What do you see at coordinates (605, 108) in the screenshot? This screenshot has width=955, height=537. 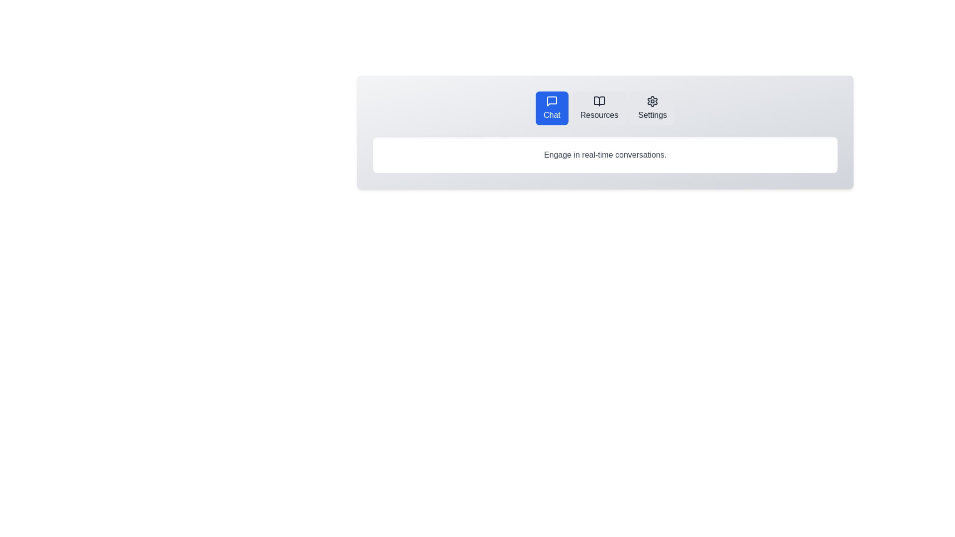 I see `the navigation bar at the top center of the application` at bounding box center [605, 108].